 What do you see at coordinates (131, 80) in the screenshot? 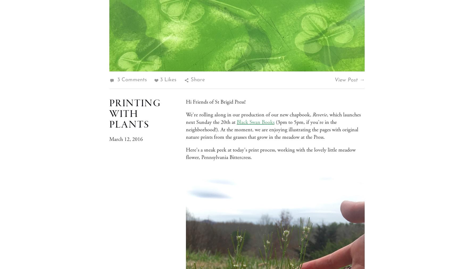
I see `'3 Comments'` at bounding box center [131, 80].